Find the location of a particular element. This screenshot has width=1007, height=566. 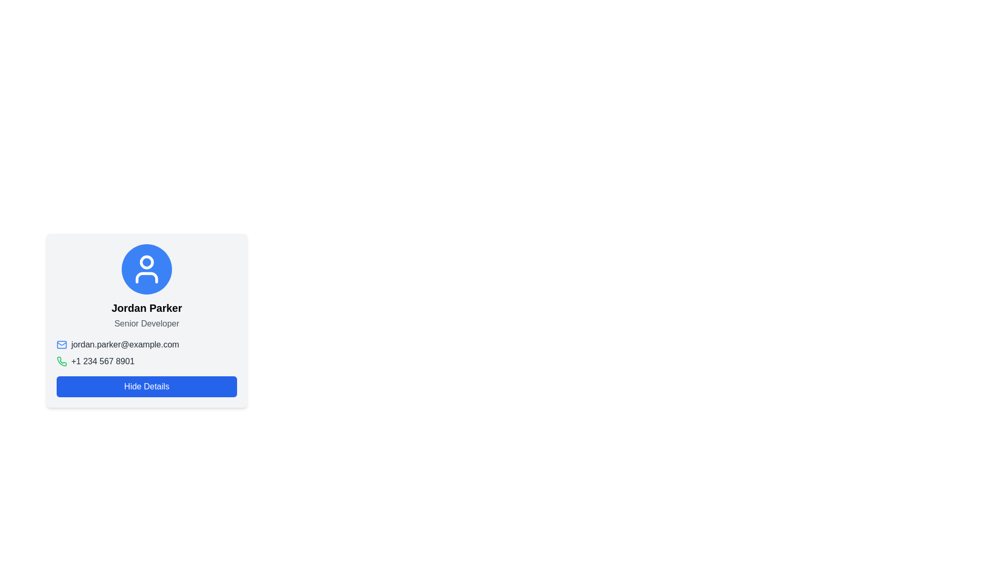

the rectangular arc component within the bottom center of the circular blue icon above 'Jordan Parker' on the user detail card is located at coordinates (146, 277).